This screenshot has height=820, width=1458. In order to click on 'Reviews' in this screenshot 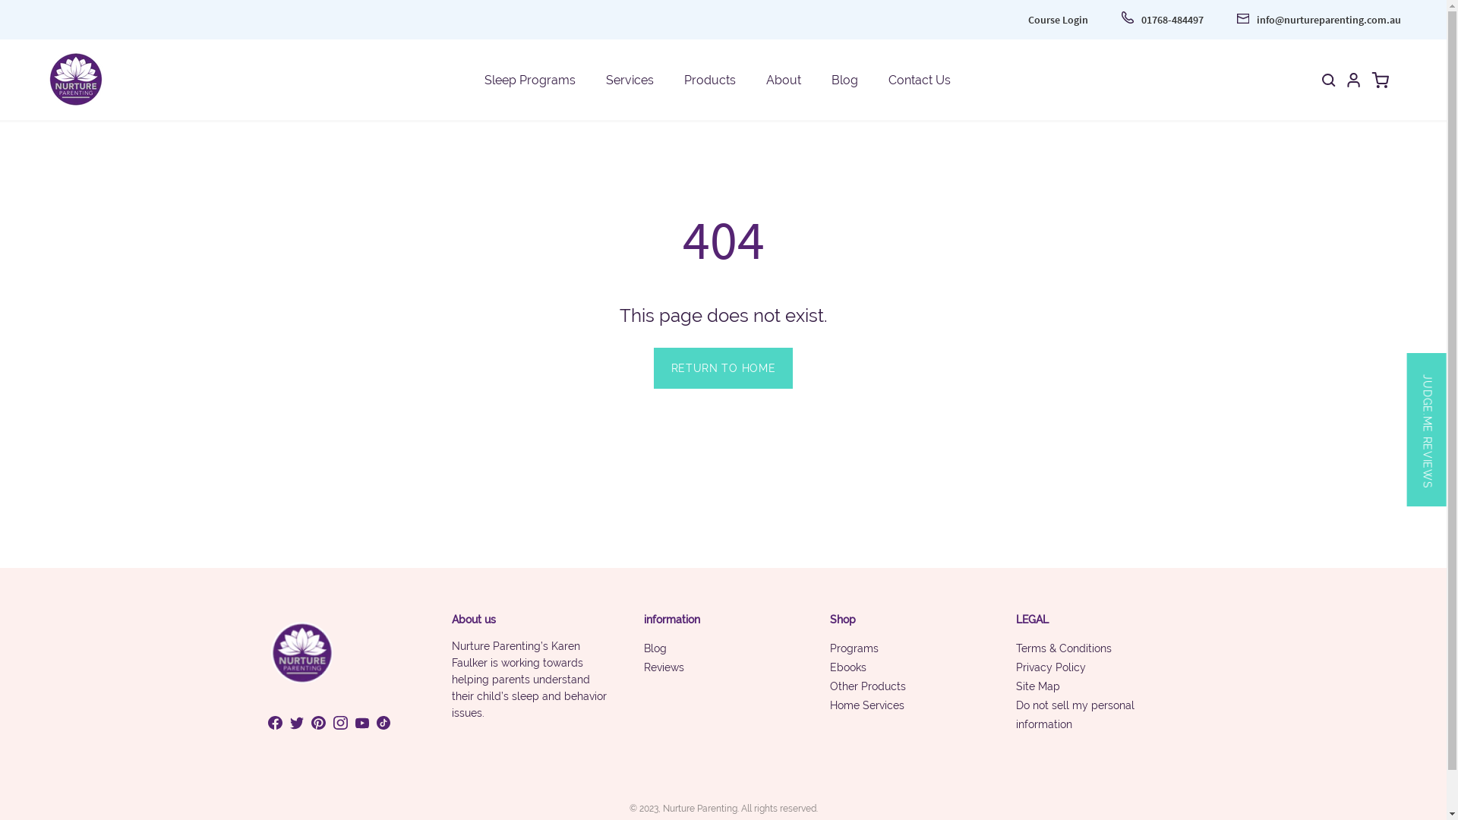, I will do `click(664, 667)`.